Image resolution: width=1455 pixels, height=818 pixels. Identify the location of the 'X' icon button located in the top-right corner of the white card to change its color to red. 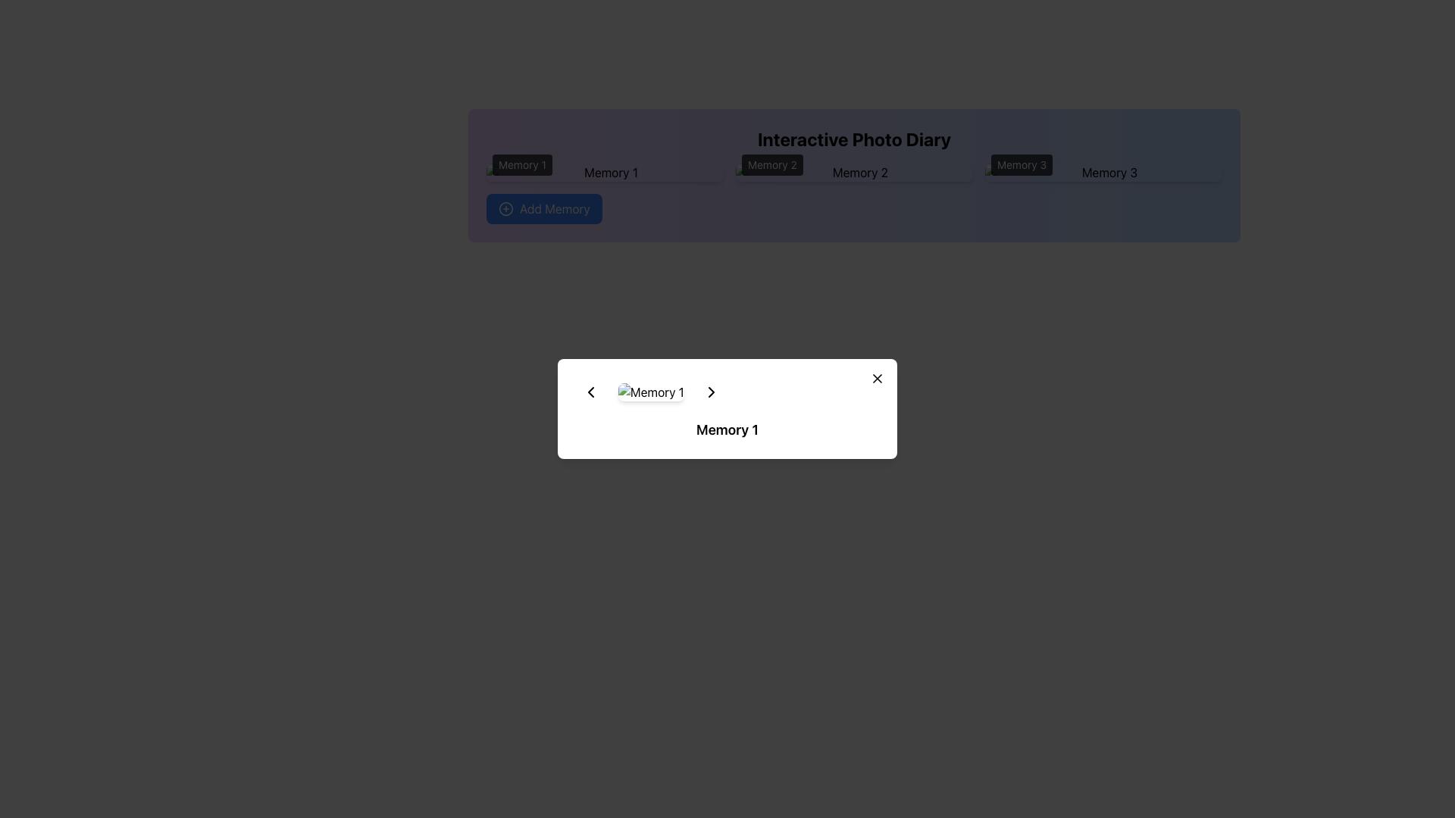
(877, 378).